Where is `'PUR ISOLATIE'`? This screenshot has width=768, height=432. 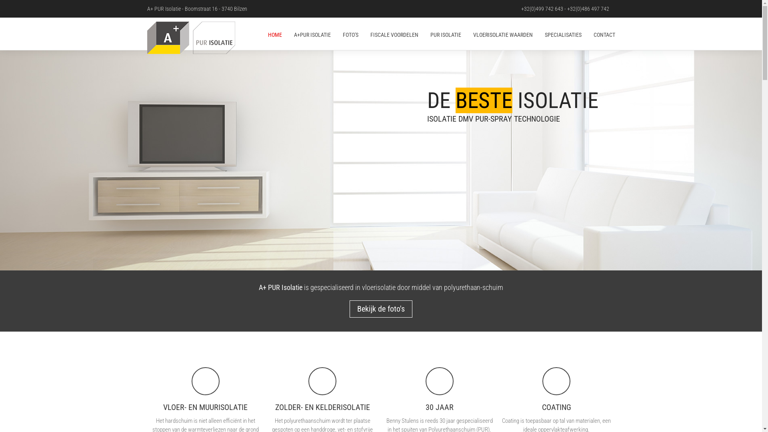
'PUR ISOLATIE' is located at coordinates (445, 33).